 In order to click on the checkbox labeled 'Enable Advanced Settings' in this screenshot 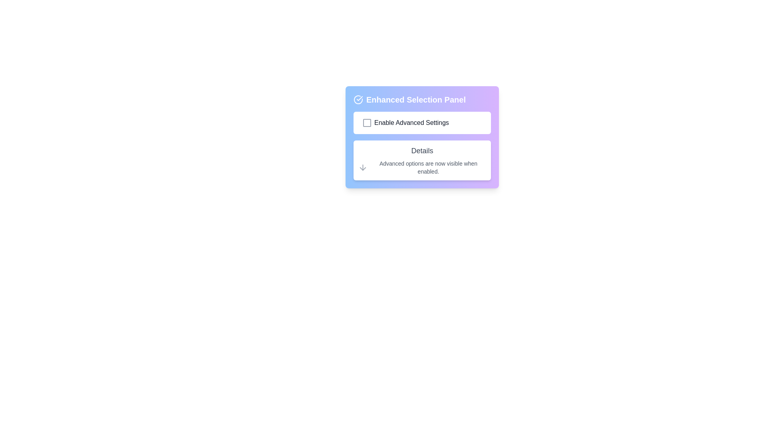, I will do `click(421, 123)`.